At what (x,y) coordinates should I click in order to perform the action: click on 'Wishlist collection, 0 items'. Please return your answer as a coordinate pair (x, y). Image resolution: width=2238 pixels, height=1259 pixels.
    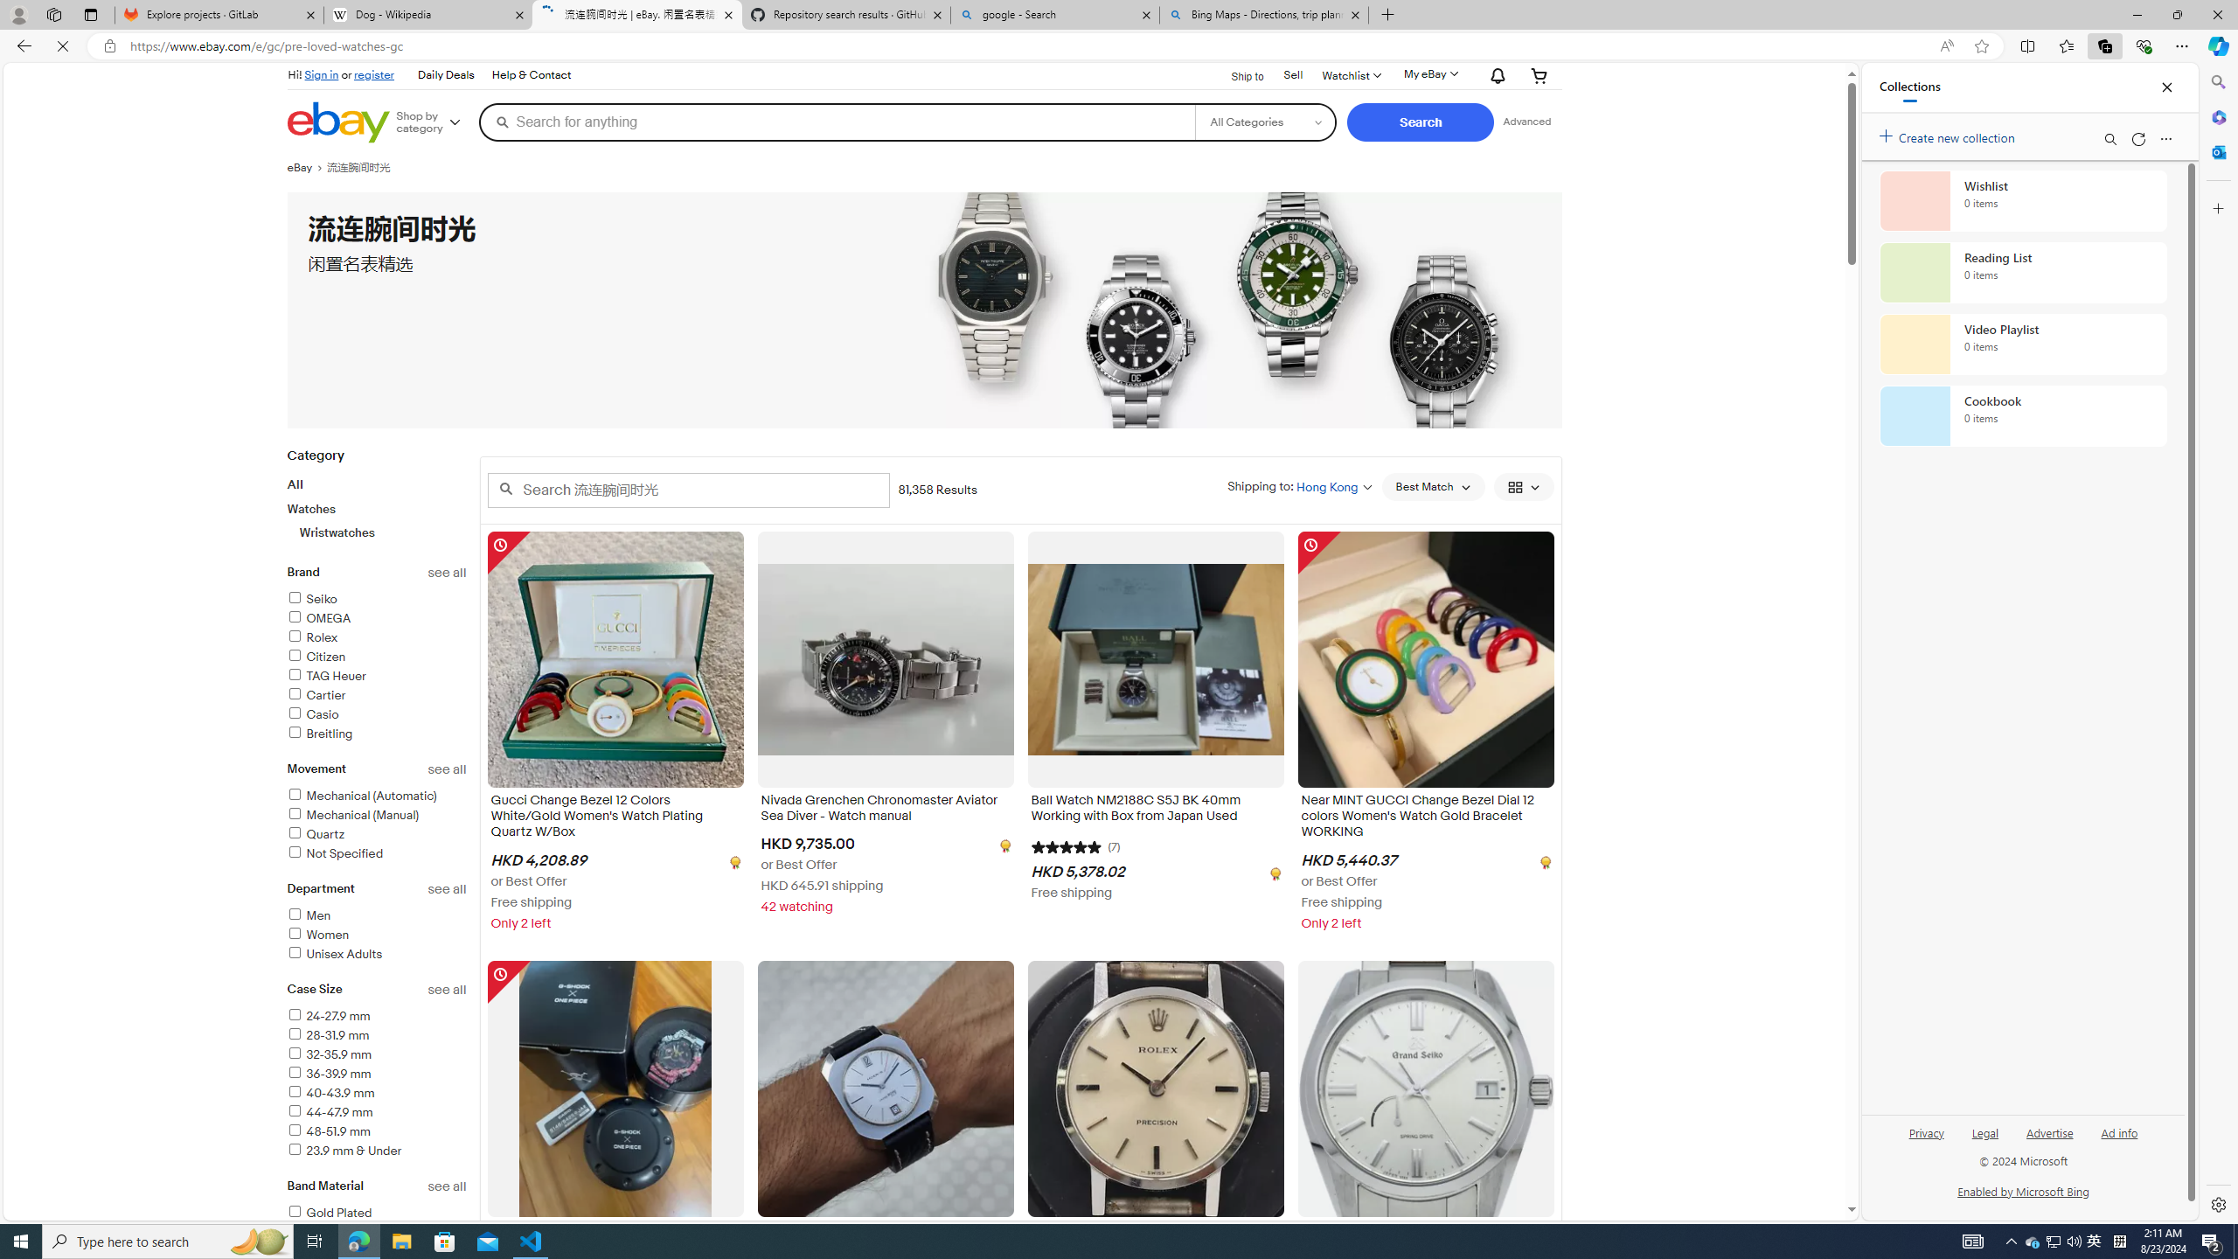
    Looking at the image, I should click on (2023, 200).